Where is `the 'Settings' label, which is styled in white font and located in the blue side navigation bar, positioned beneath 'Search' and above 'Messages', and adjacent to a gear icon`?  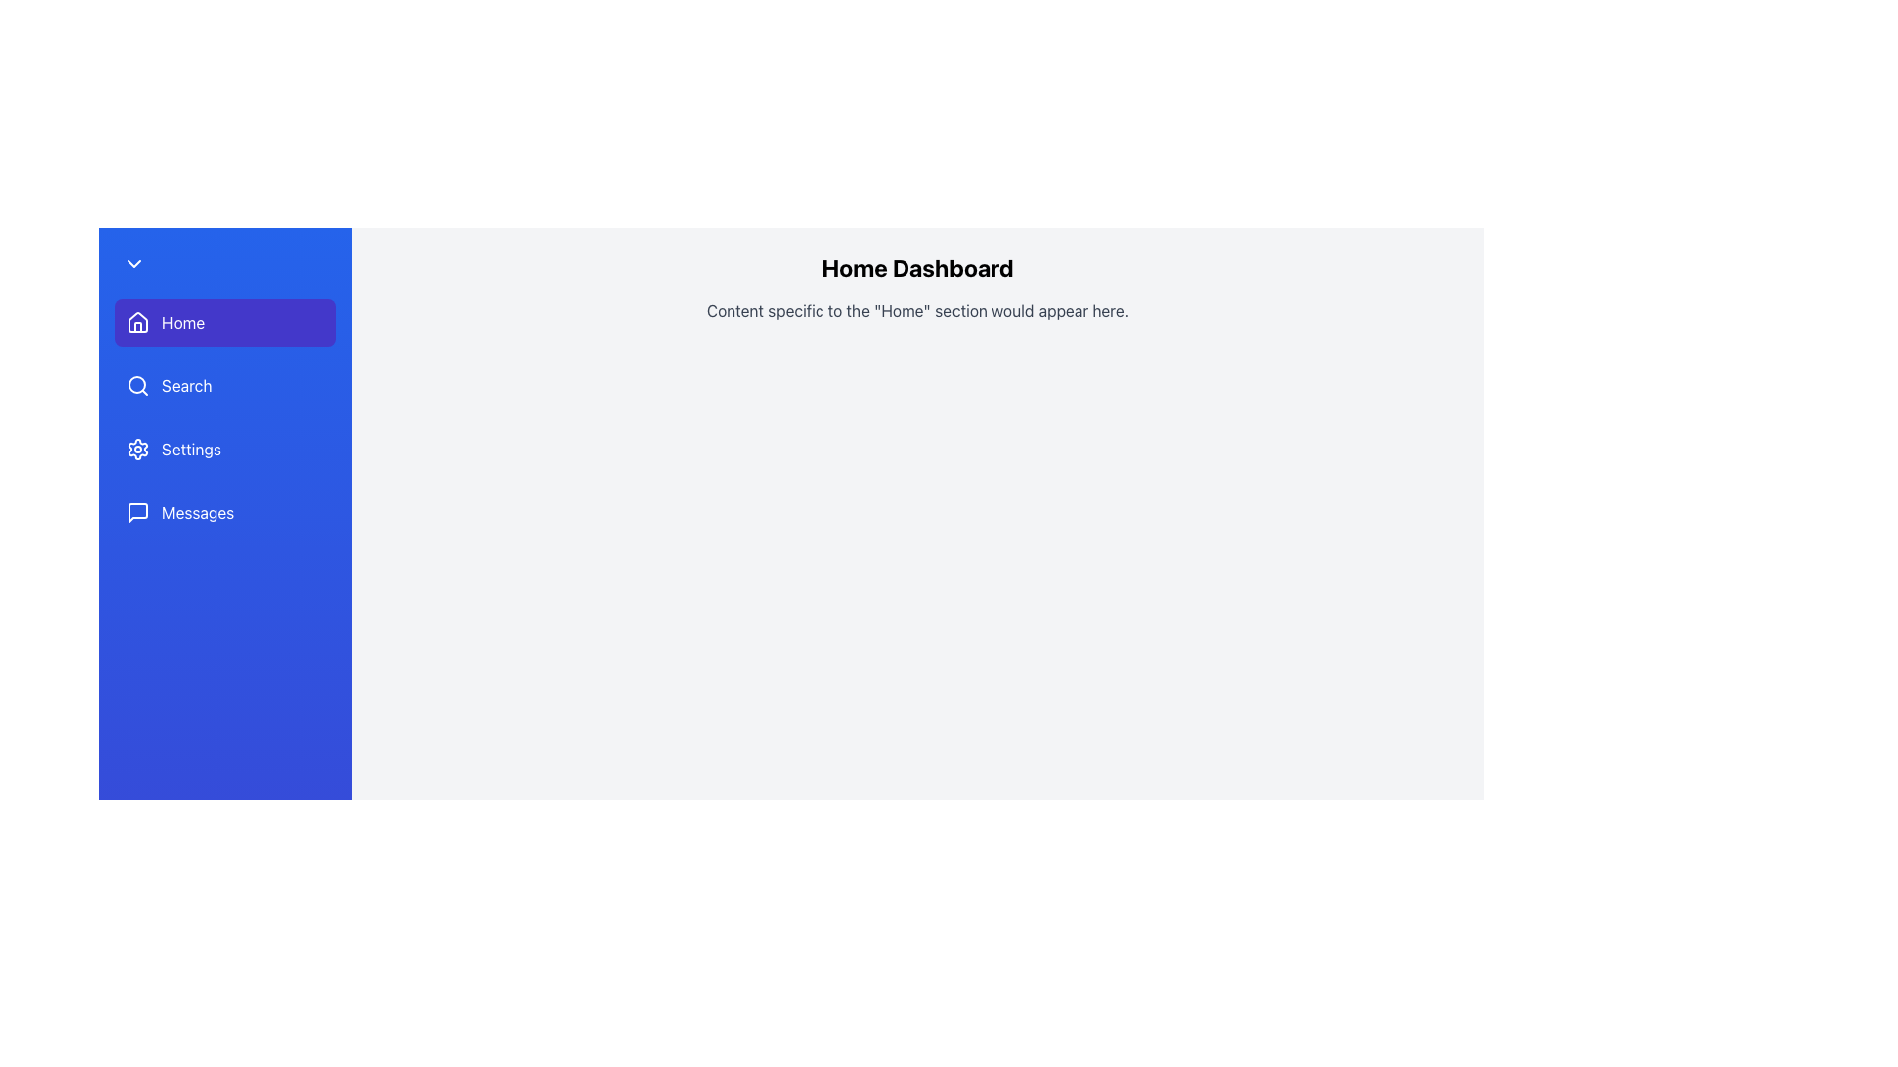
the 'Settings' label, which is styled in white font and located in the blue side navigation bar, positioned beneath 'Search' and above 'Messages', and adjacent to a gear icon is located at coordinates (191, 450).